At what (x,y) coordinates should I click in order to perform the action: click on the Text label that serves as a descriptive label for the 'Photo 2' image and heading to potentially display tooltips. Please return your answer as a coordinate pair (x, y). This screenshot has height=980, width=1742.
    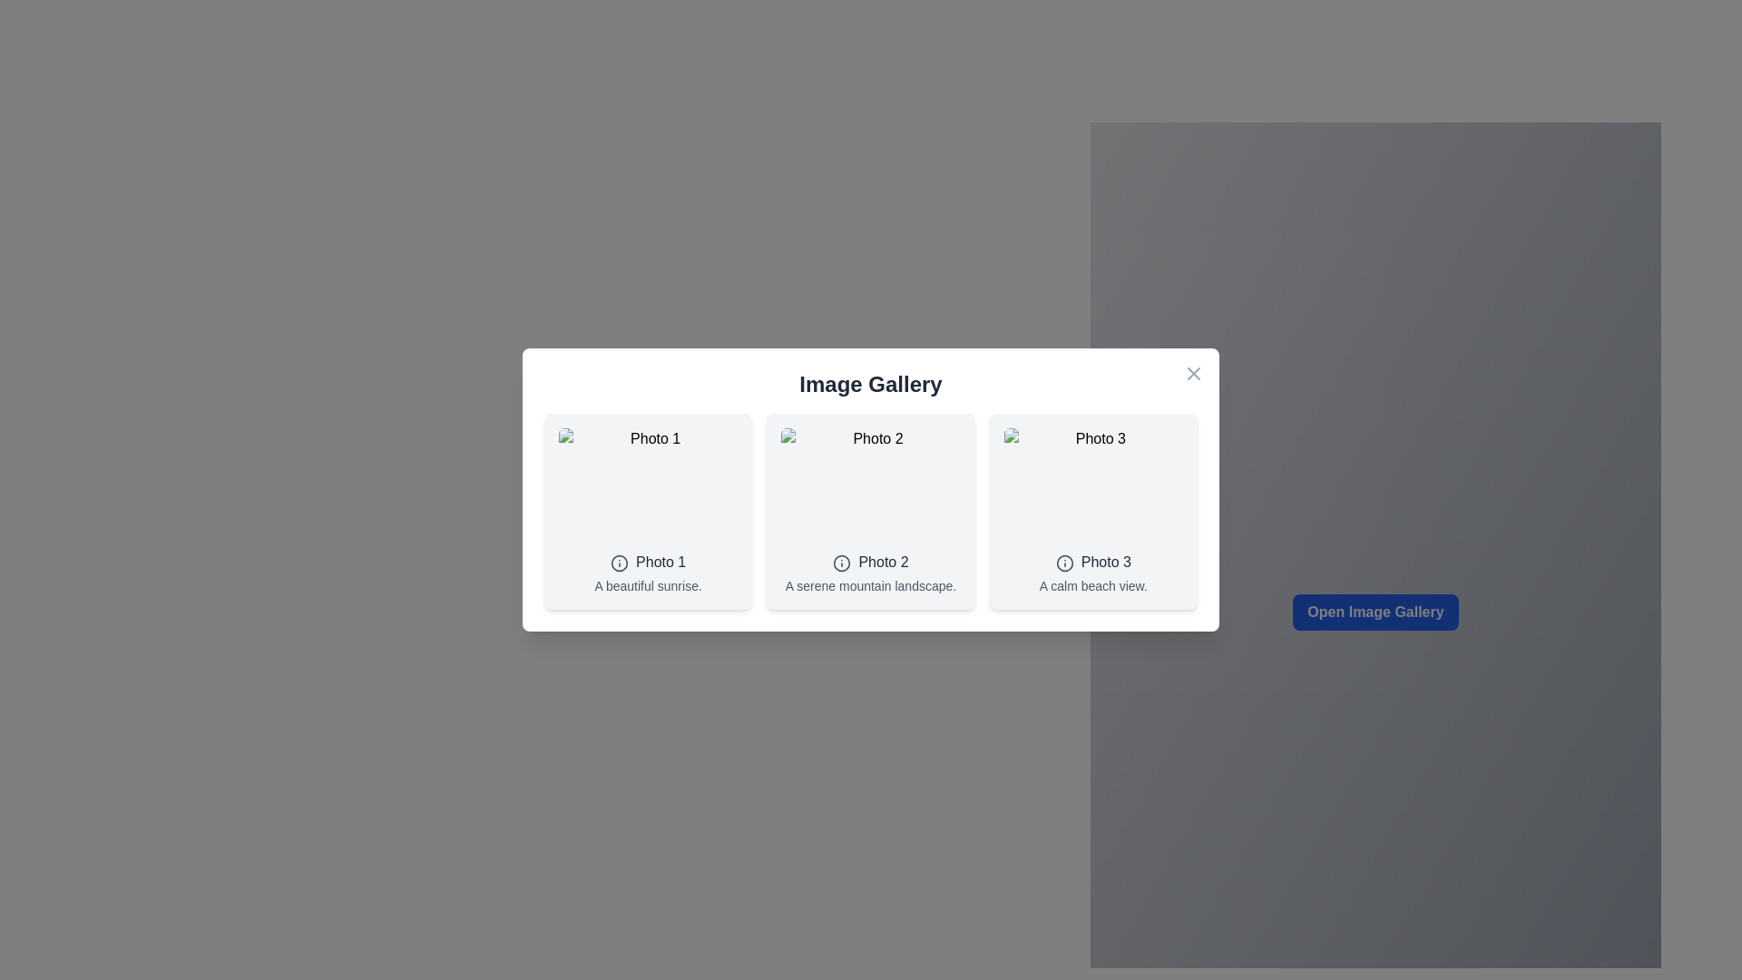
    Looking at the image, I should click on (871, 585).